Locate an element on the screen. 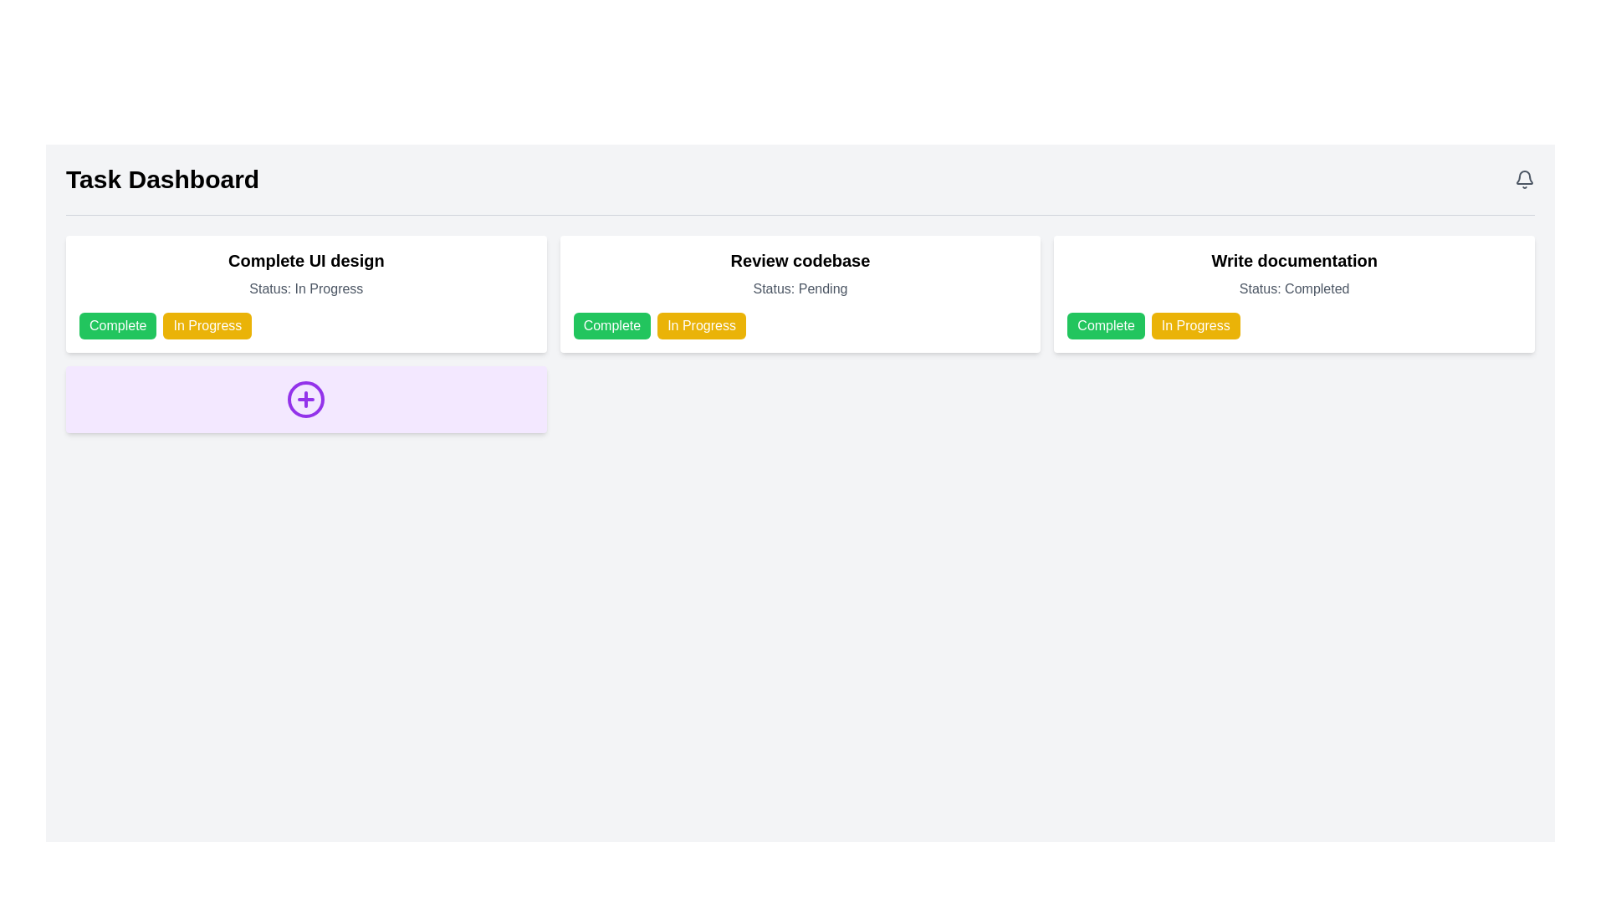 The height and width of the screenshot is (903, 1606). the text label that serves as the title for the first card, located at the upper central part of the card is located at coordinates (306, 261).